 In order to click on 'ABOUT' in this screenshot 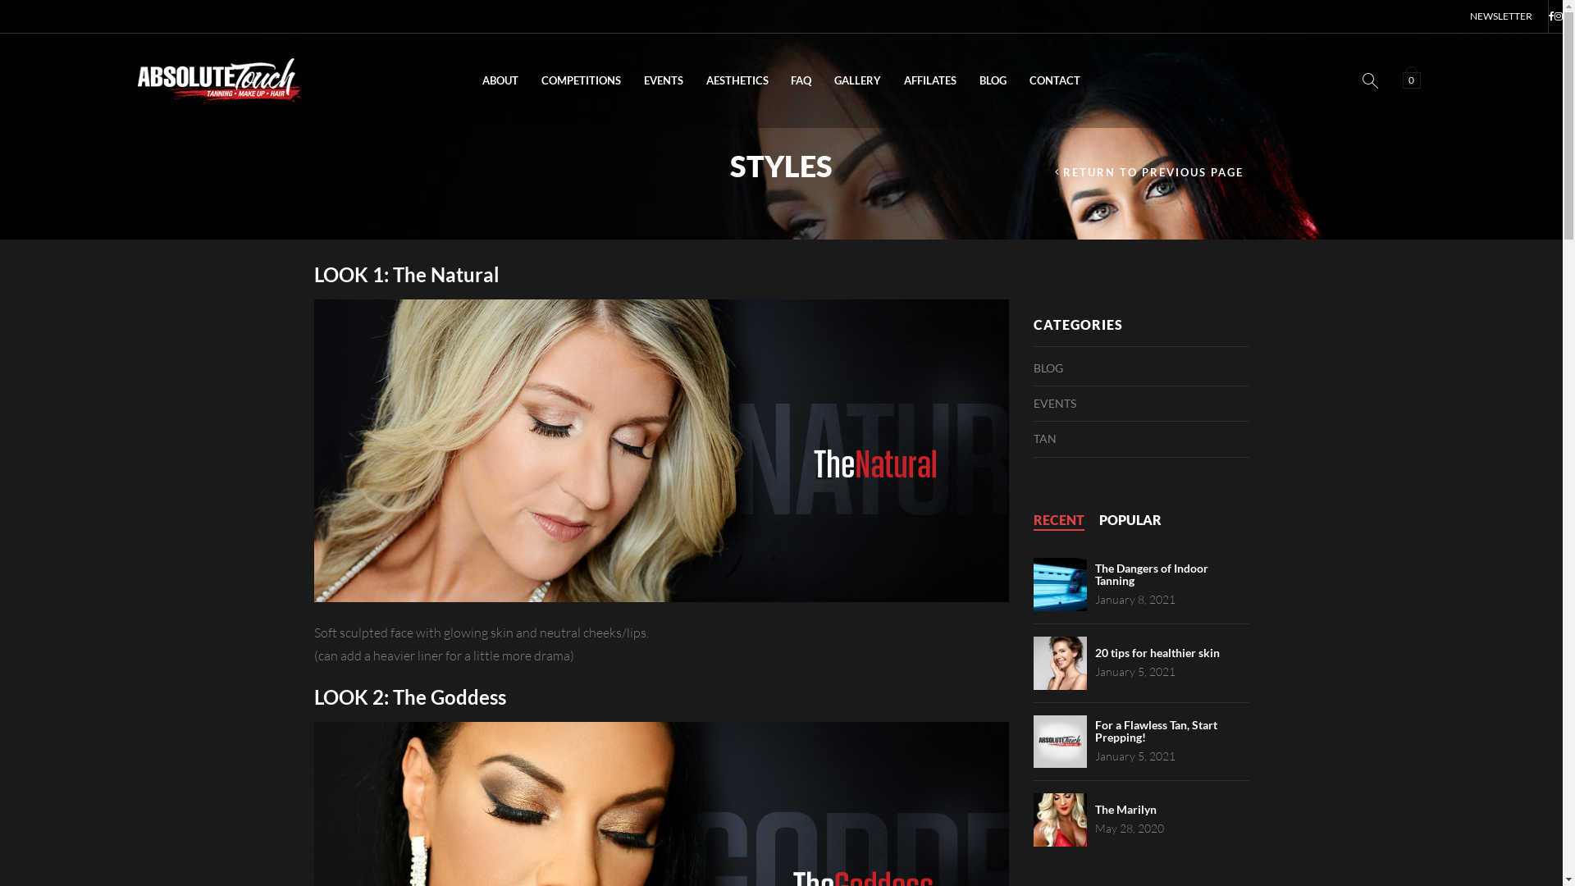, I will do `click(499, 80)`.